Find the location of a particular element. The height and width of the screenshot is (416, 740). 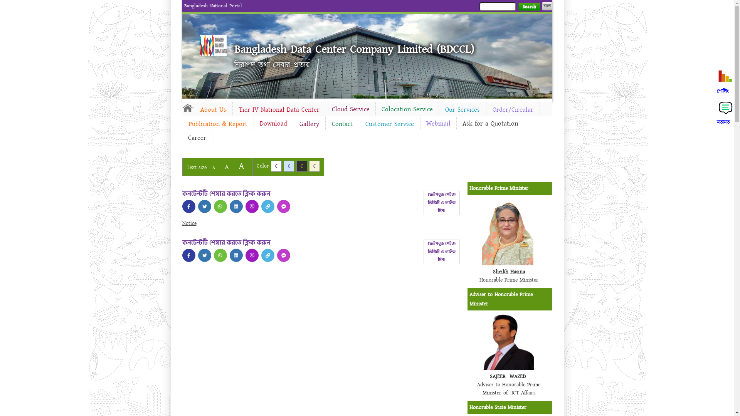

'Gallery' is located at coordinates (292, 123).